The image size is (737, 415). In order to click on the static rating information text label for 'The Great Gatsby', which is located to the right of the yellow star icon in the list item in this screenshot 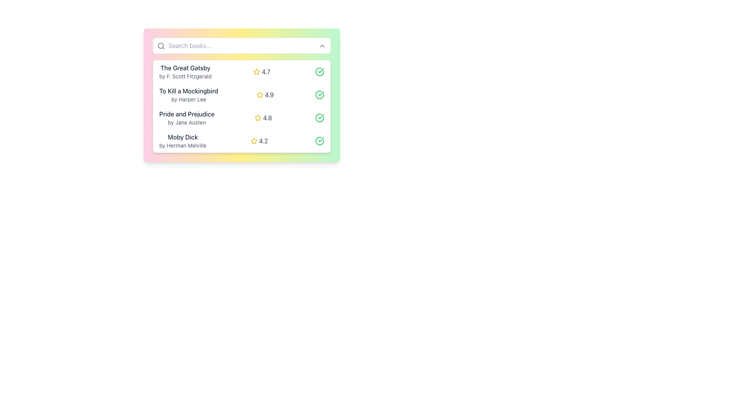, I will do `click(266, 71)`.